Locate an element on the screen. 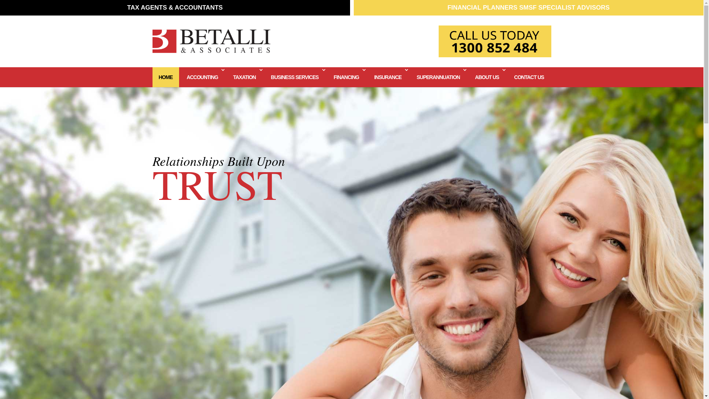 The width and height of the screenshot is (709, 399). 'SUPERANNUATION' is located at coordinates (438, 77).